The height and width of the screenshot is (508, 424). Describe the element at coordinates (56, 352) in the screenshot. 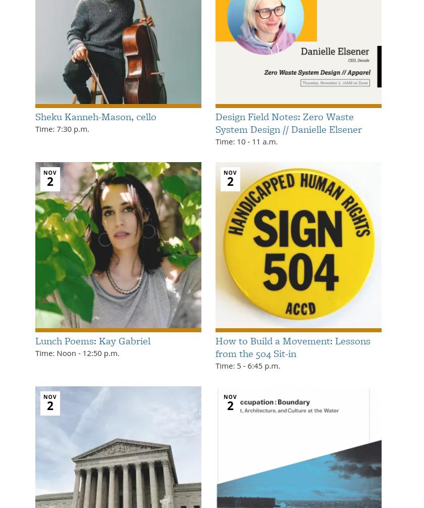

I see `'Time: Noon'` at that location.